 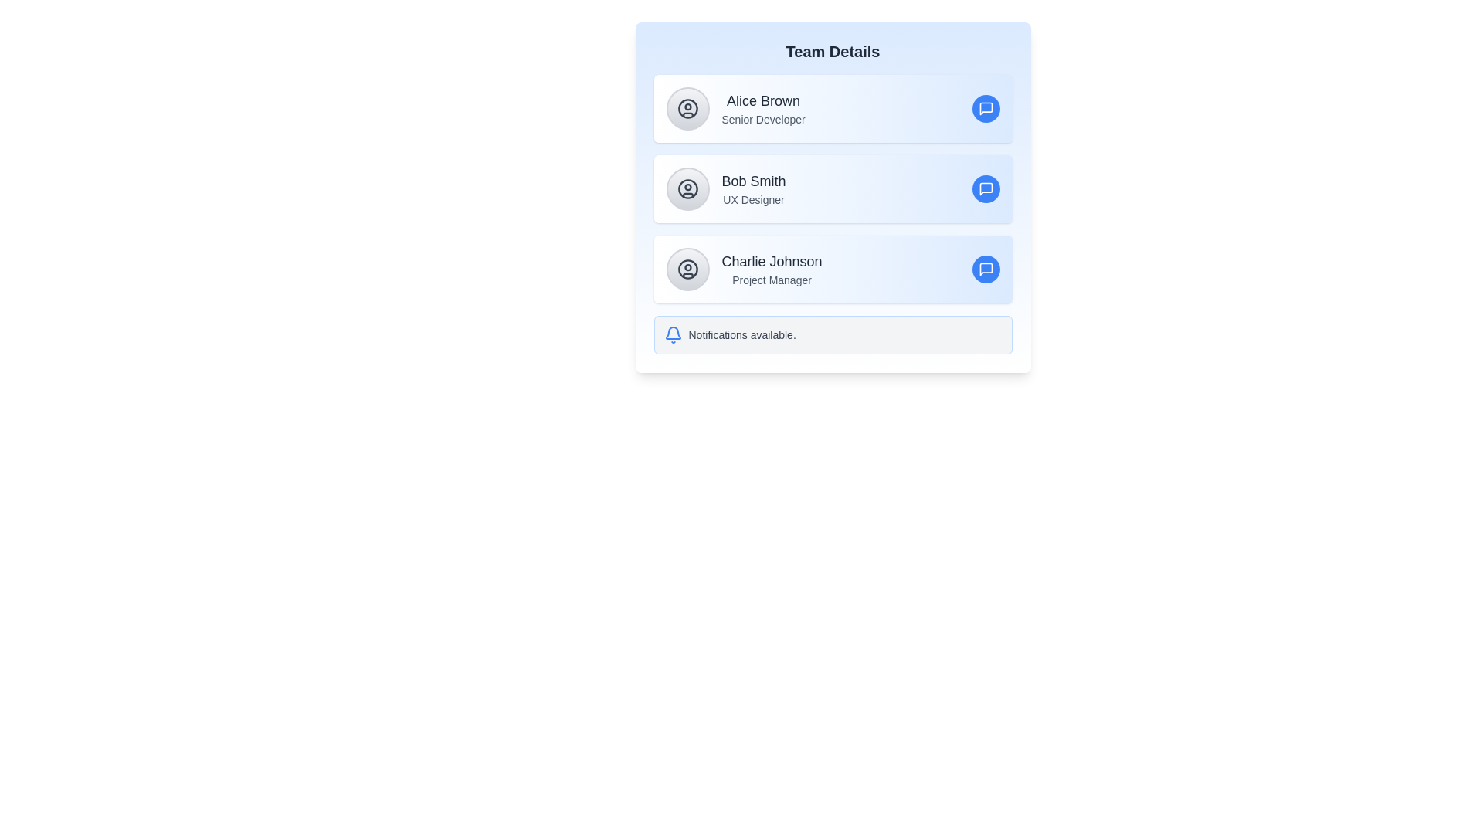 I want to click on the circular profile icon for 'Bob Smith (UX Designer)', which is the second profile icon in the list of users, so click(x=687, y=188).